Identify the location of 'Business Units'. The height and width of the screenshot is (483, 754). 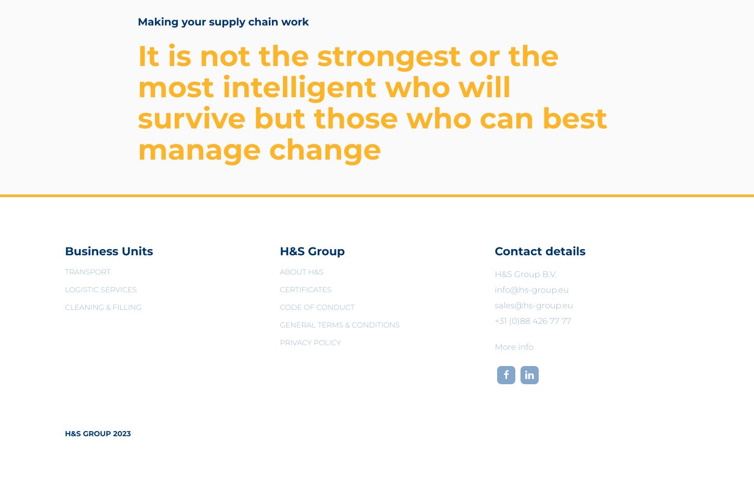
(108, 251).